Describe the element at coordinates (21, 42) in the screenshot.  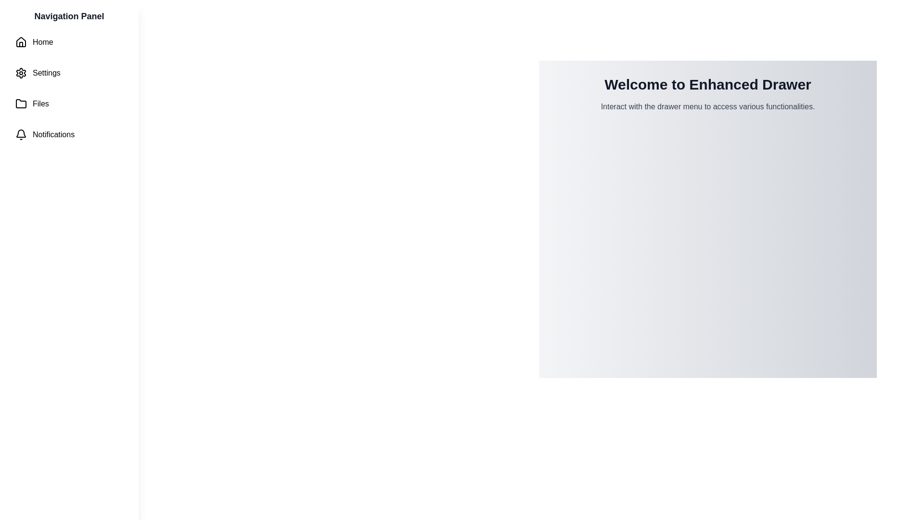
I see `the house icon located to the left of the 'Home' text label in the vertical navigation list` at that location.